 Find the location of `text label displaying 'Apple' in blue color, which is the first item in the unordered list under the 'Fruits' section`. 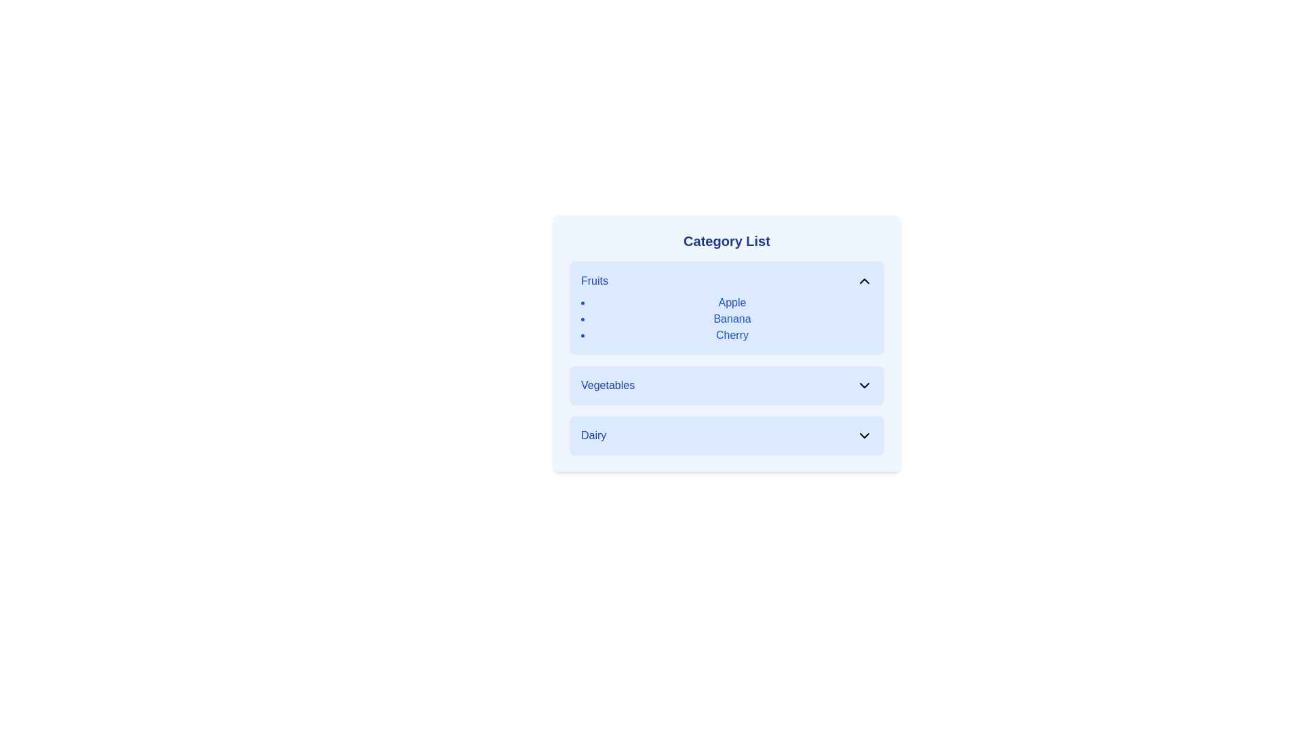

text label displaying 'Apple' in blue color, which is the first item in the unordered list under the 'Fruits' section is located at coordinates (732, 302).